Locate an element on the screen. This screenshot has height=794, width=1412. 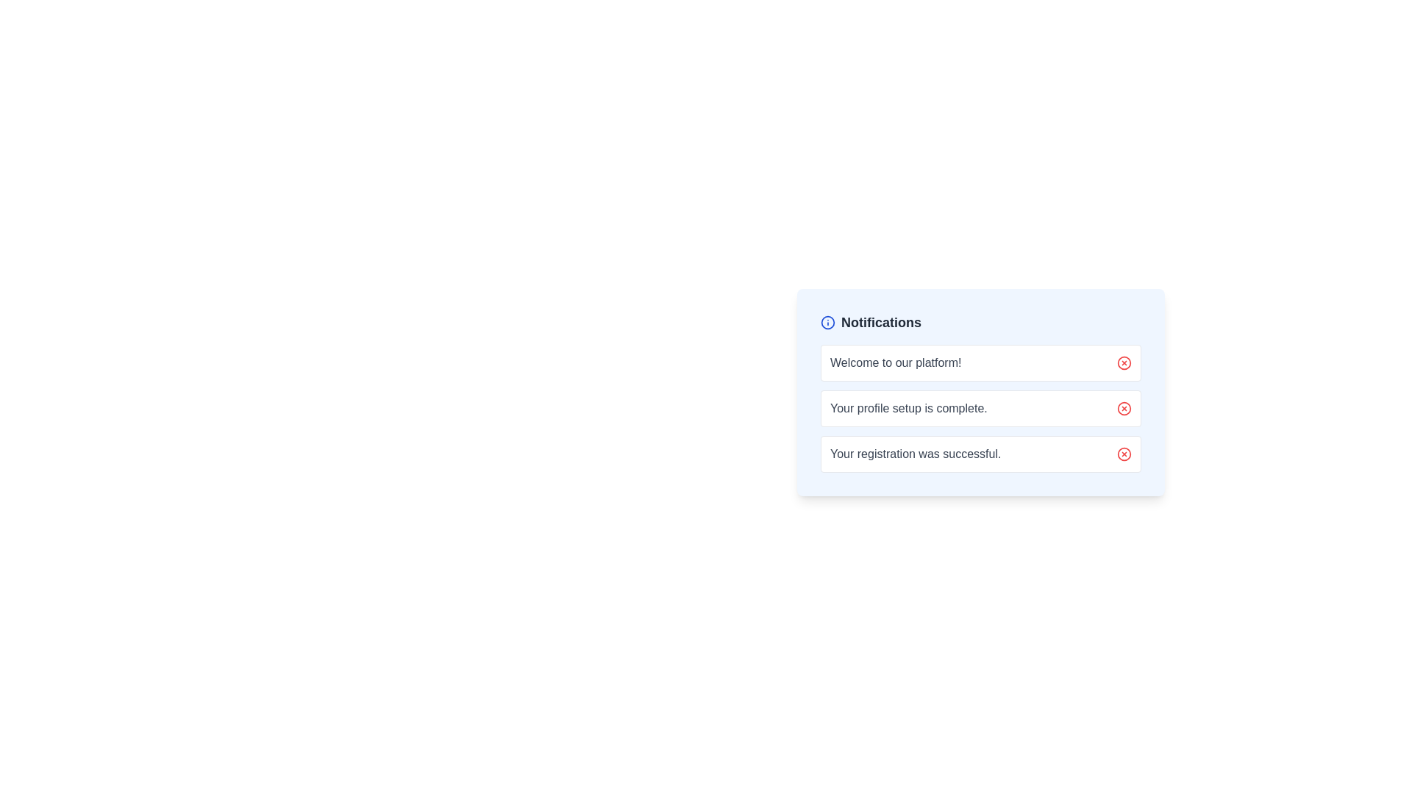
text label indicating progress and success related to the user's profile setup, which is located below the 'Welcome to our platform!' notification and above the 'Your registration was successful.' notification is located at coordinates (981, 408).